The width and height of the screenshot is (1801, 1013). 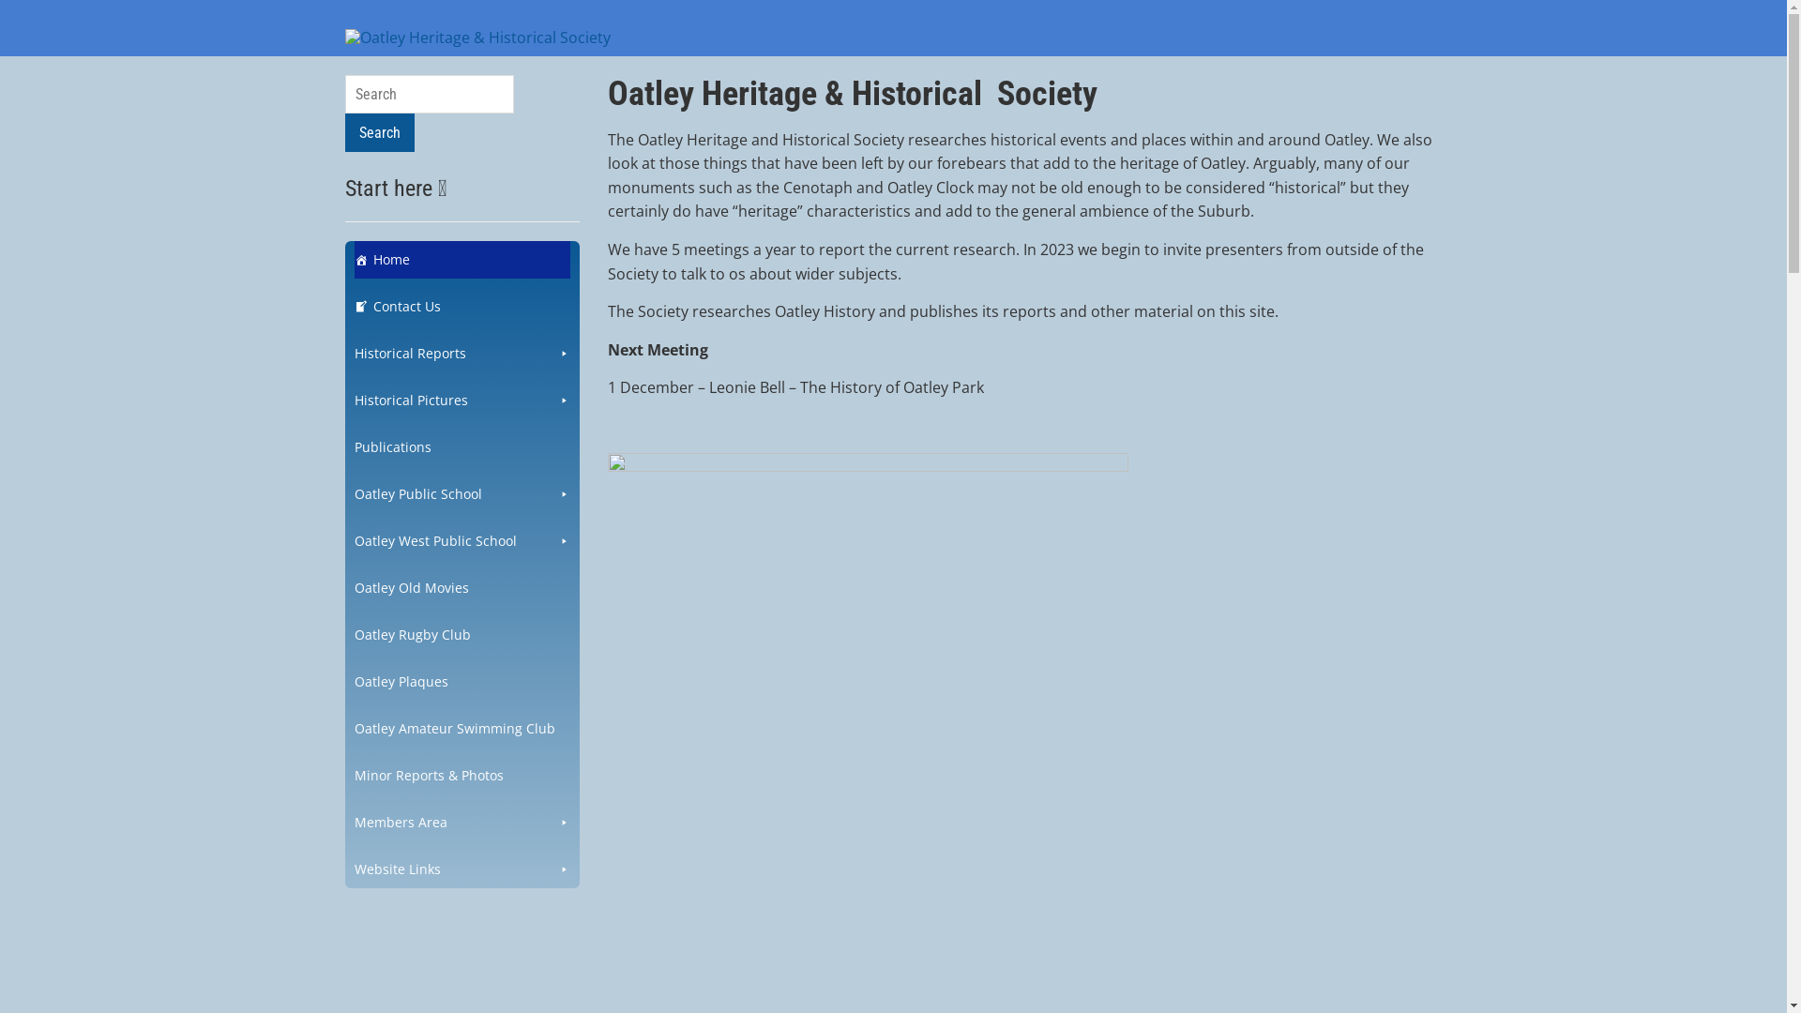 I want to click on 'Search', so click(x=345, y=131).